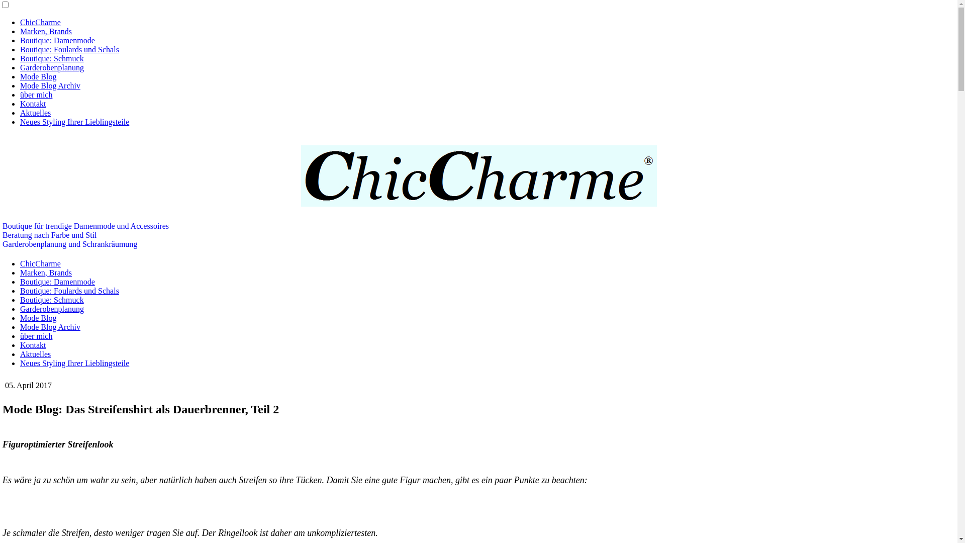 The height and width of the screenshot is (543, 965). I want to click on 'ChicCharme', so click(40, 263).